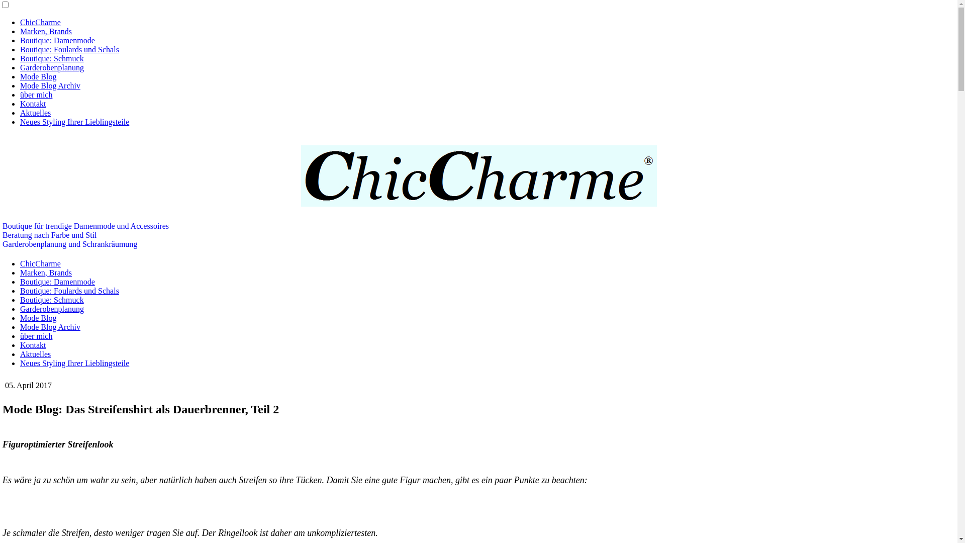 The height and width of the screenshot is (543, 965). I want to click on 'ChicCharme', so click(40, 263).